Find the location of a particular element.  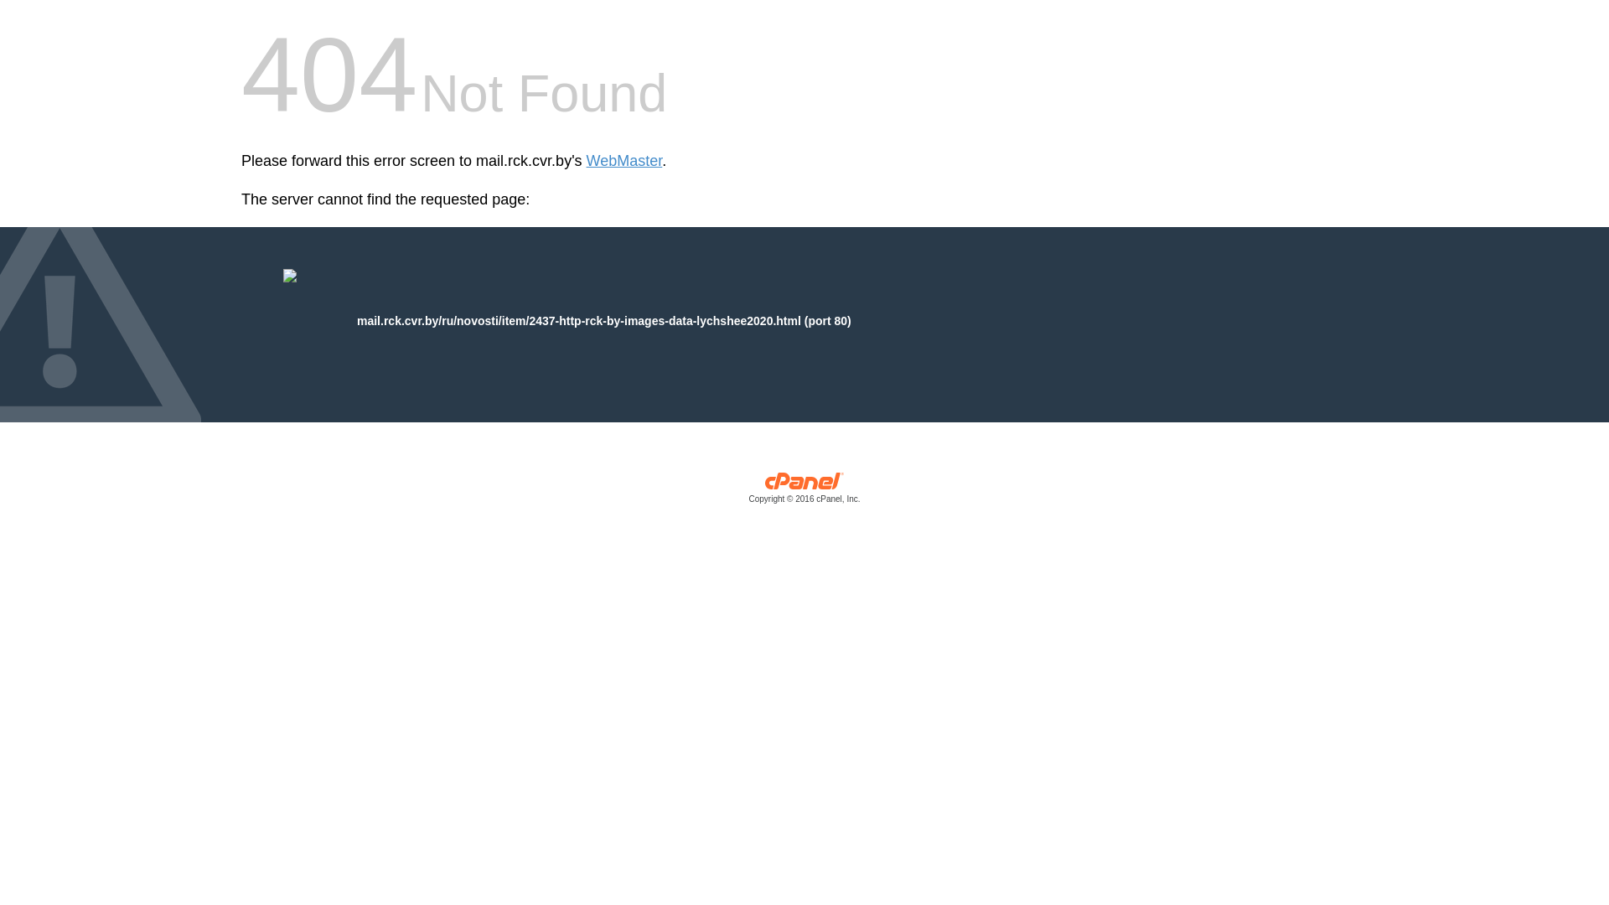

'WebMaster' is located at coordinates (623, 161).